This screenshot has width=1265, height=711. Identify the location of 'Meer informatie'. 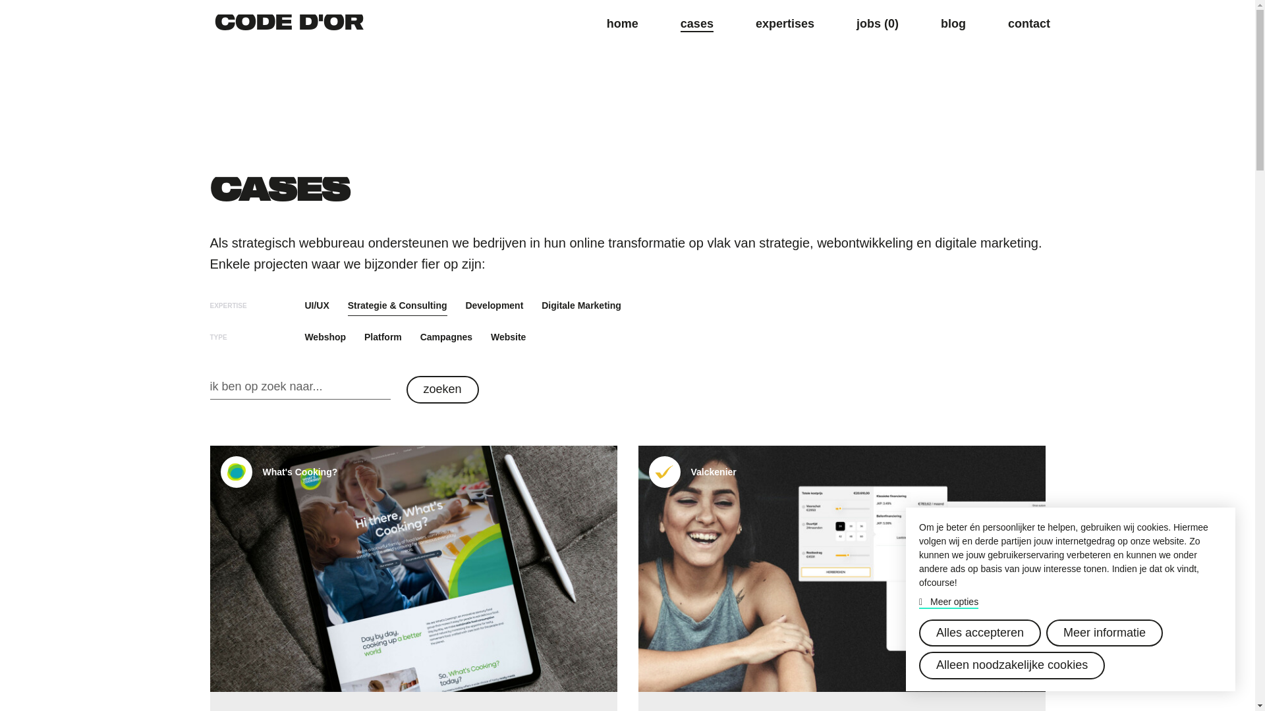
(1104, 632).